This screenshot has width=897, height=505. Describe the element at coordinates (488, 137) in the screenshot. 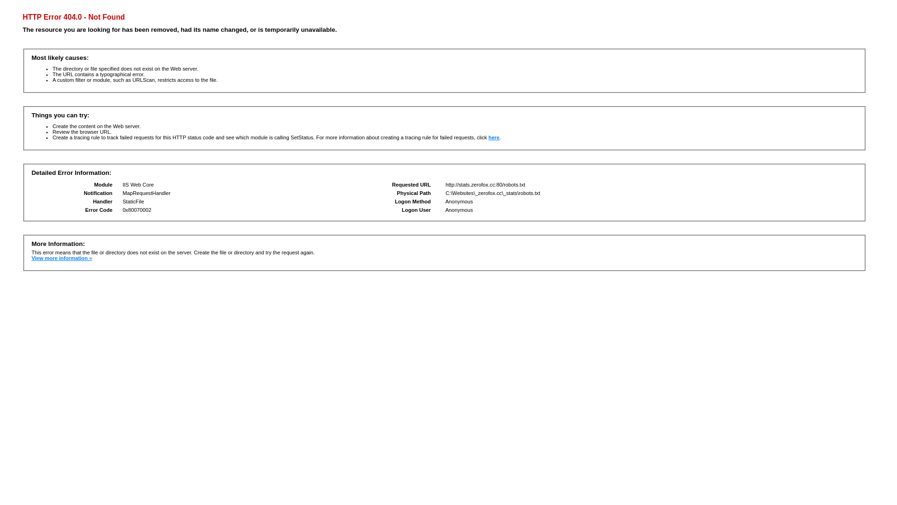

I see `'here'` at that location.